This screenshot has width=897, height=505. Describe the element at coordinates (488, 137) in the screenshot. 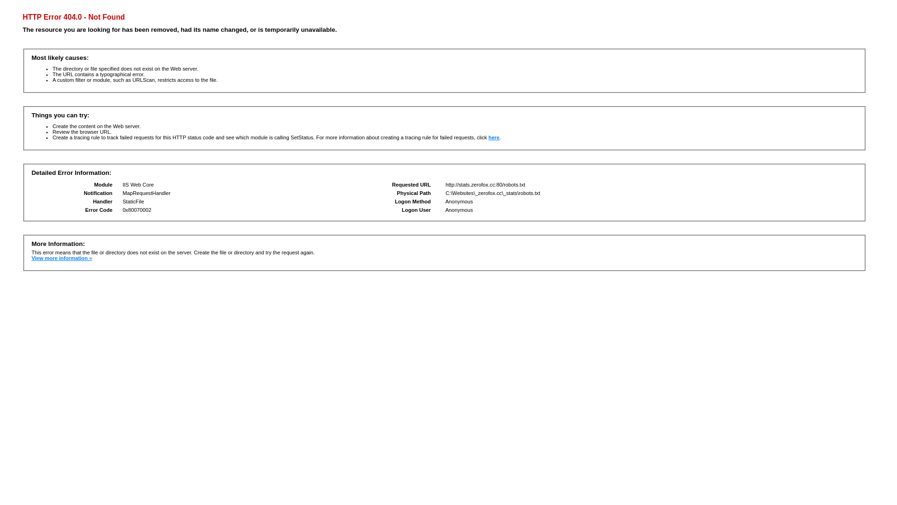

I see `'here'` at that location.